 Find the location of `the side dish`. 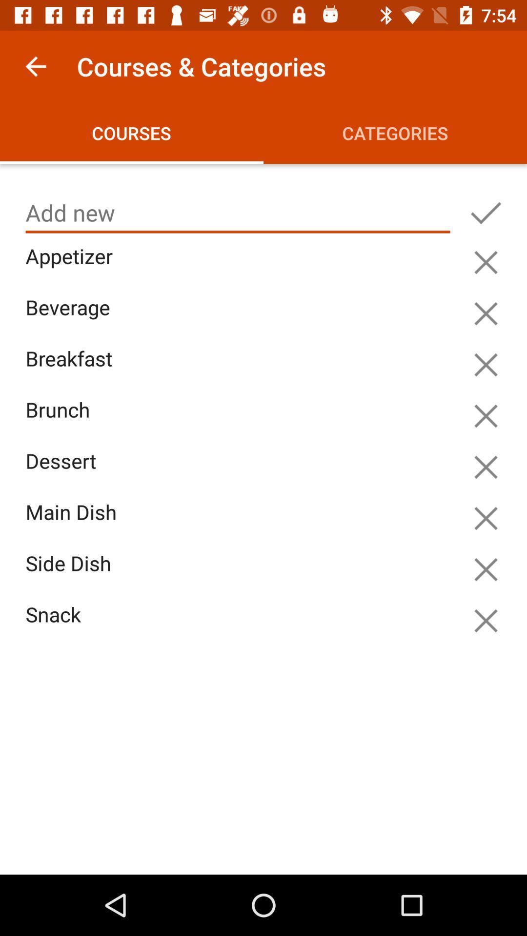

the side dish is located at coordinates (240, 575).